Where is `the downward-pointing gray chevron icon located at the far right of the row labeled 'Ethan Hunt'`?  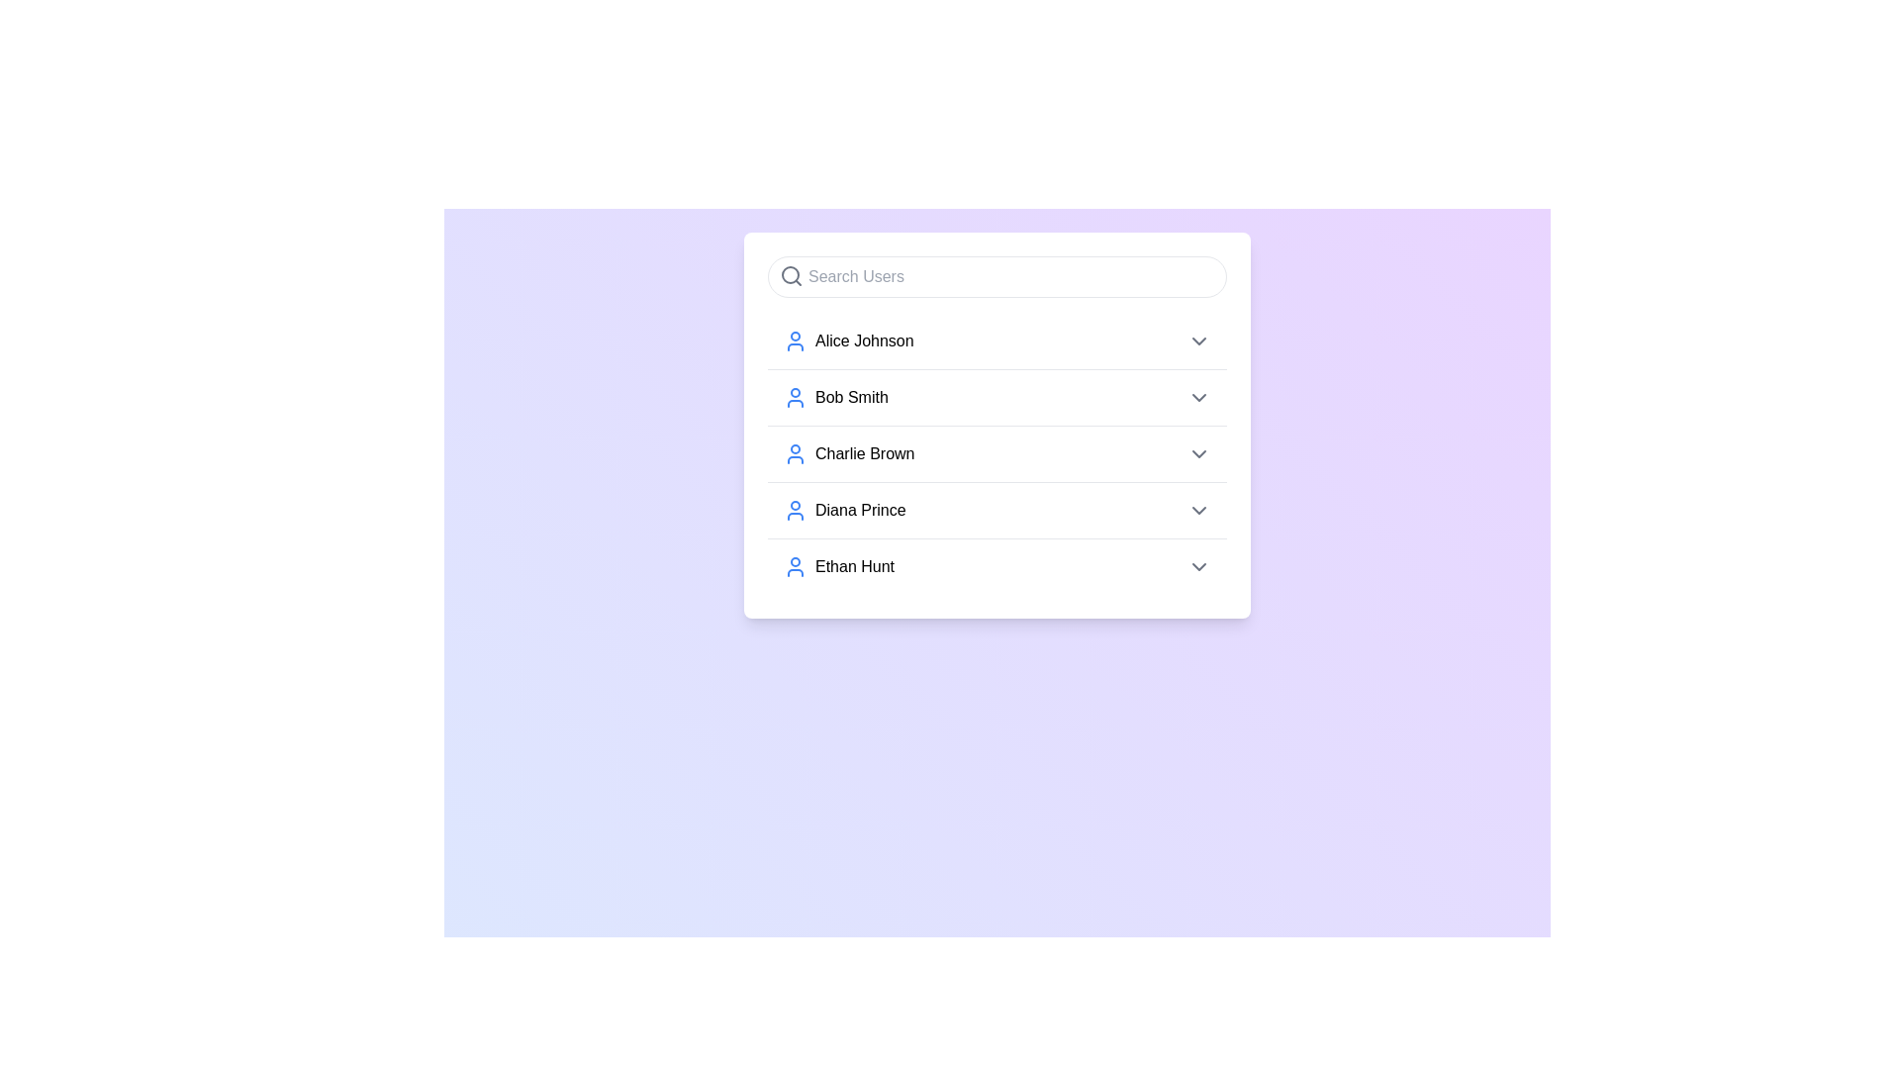
the downward-pointing gray chevron icon located at the far right of the row labeled 'Ethan Hunt' is located at coordinates (1197, 567).